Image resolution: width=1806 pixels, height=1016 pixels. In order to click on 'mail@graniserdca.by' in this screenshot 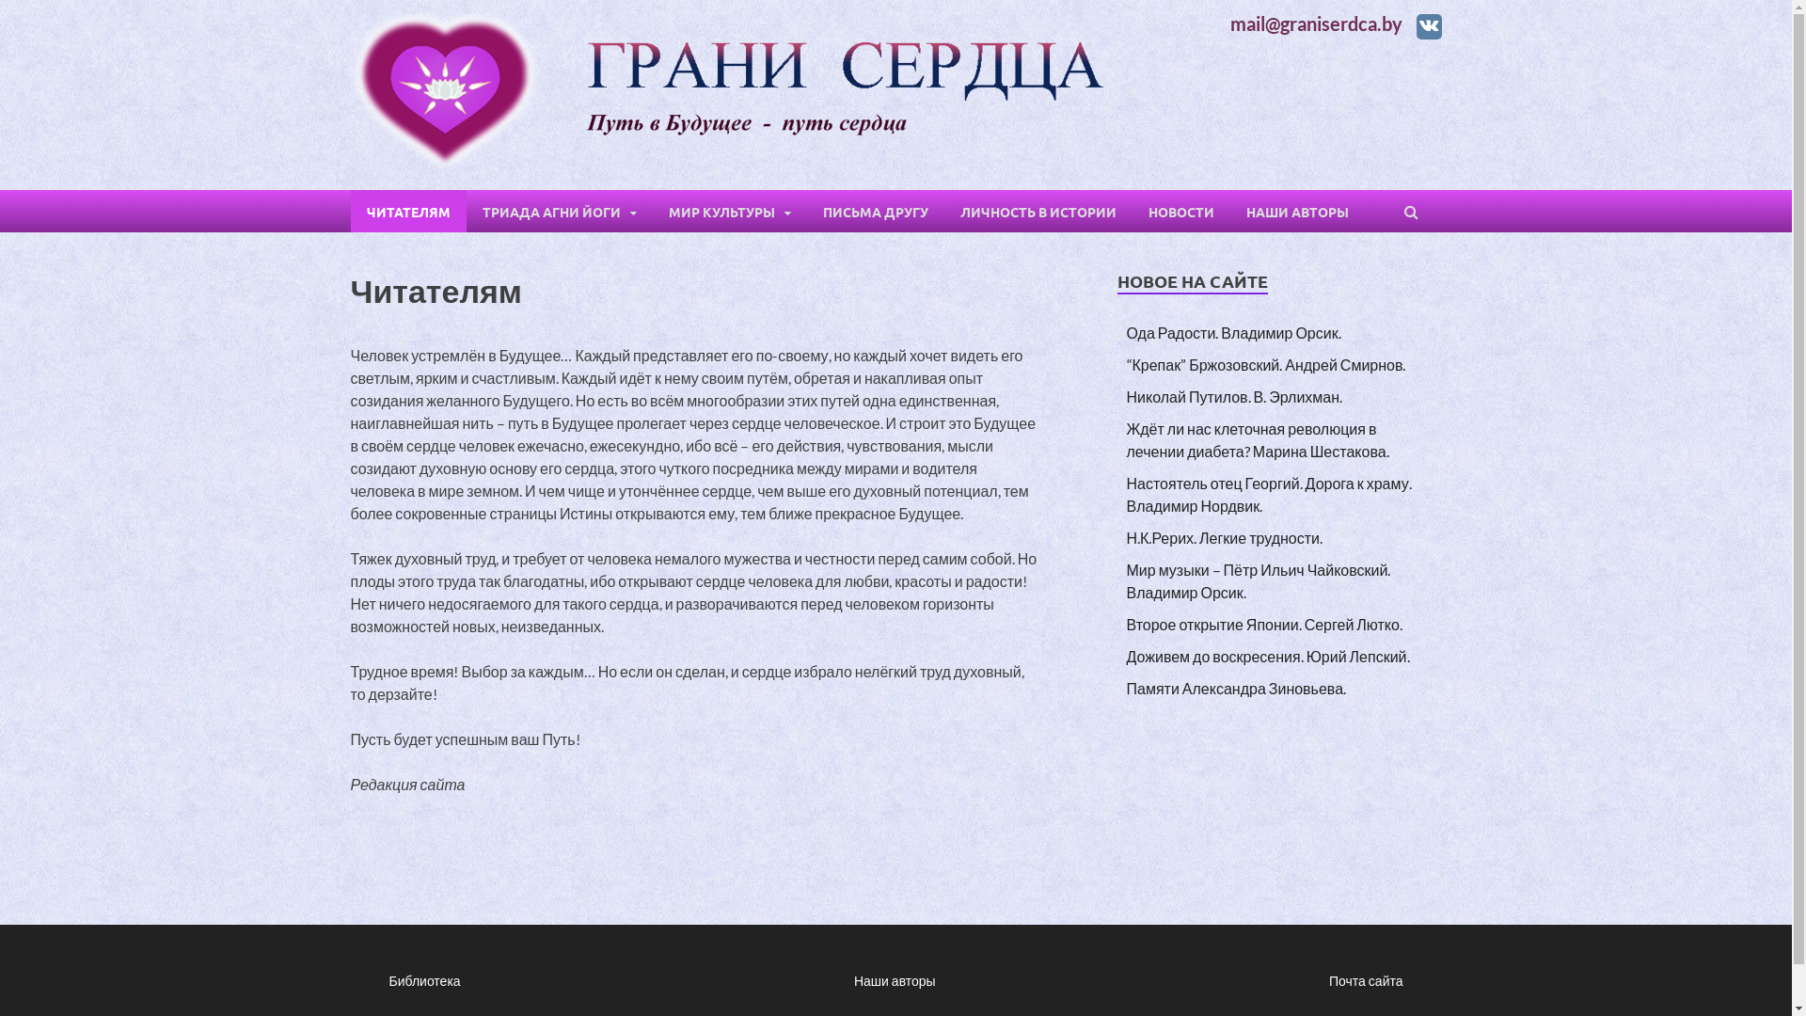, I will do `click(1315, 23)`.